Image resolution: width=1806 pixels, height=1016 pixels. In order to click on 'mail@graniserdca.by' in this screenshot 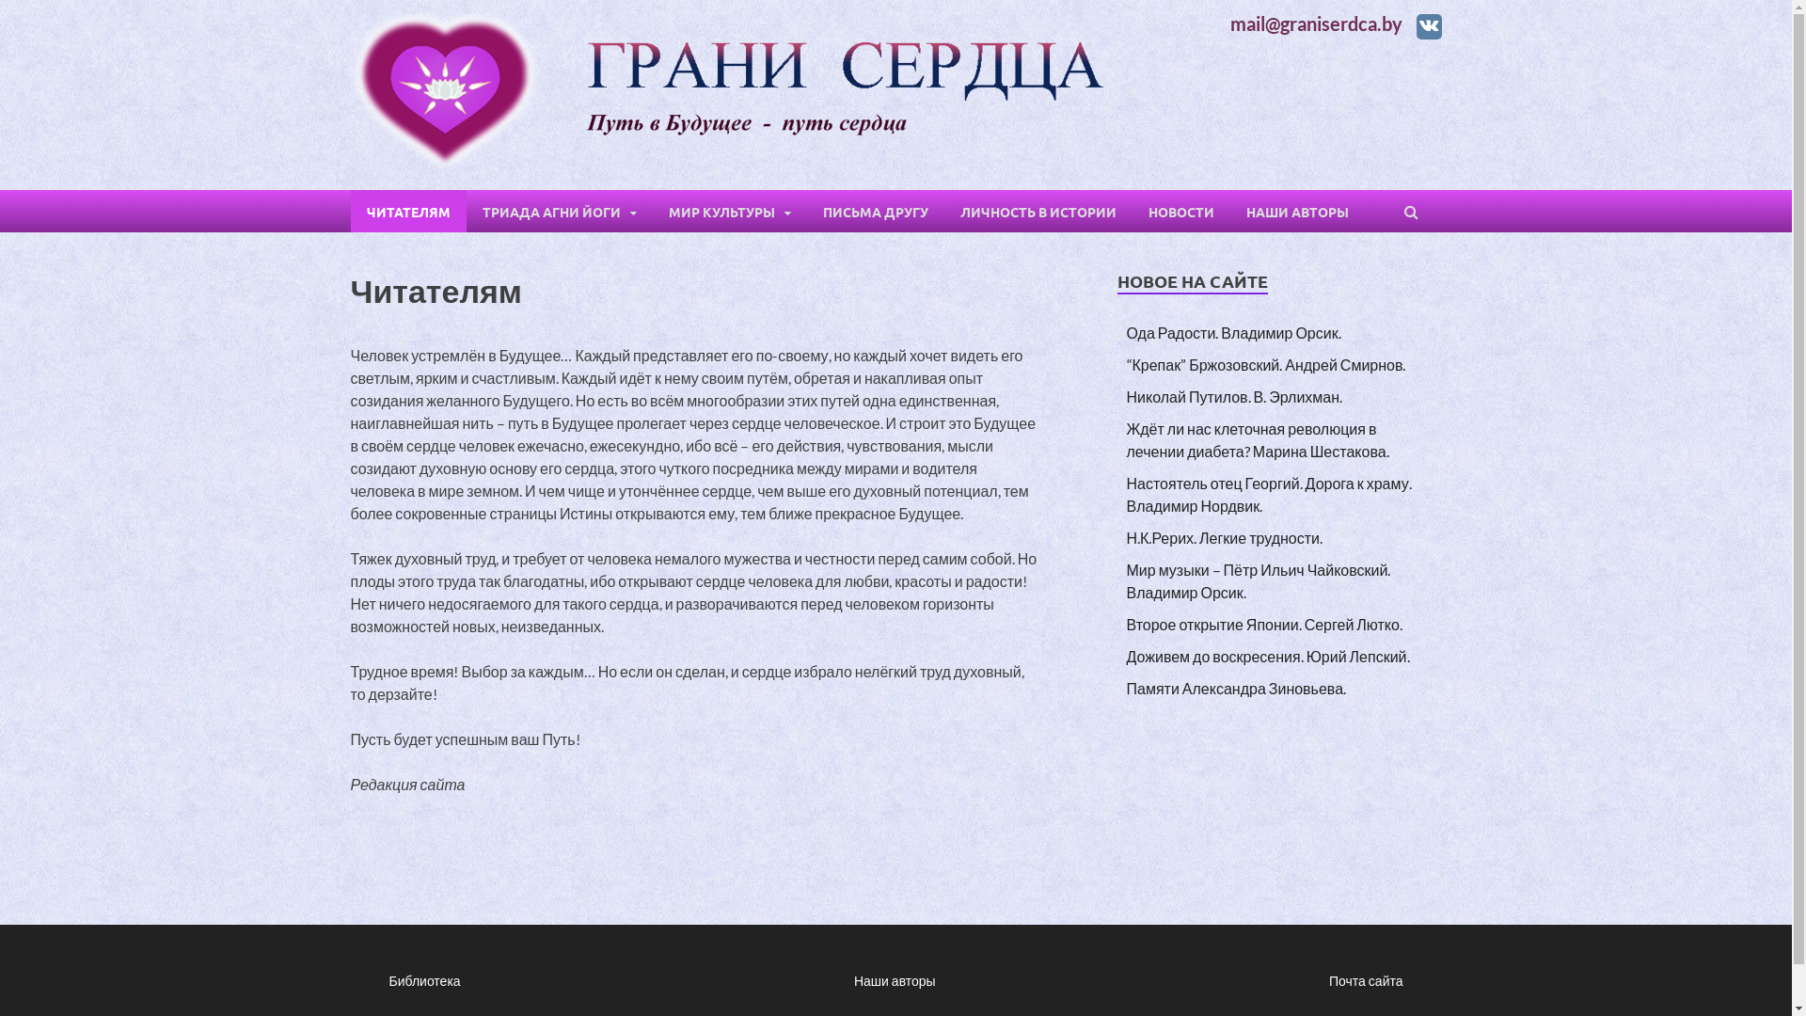, I will do `click(1315, 23)`.